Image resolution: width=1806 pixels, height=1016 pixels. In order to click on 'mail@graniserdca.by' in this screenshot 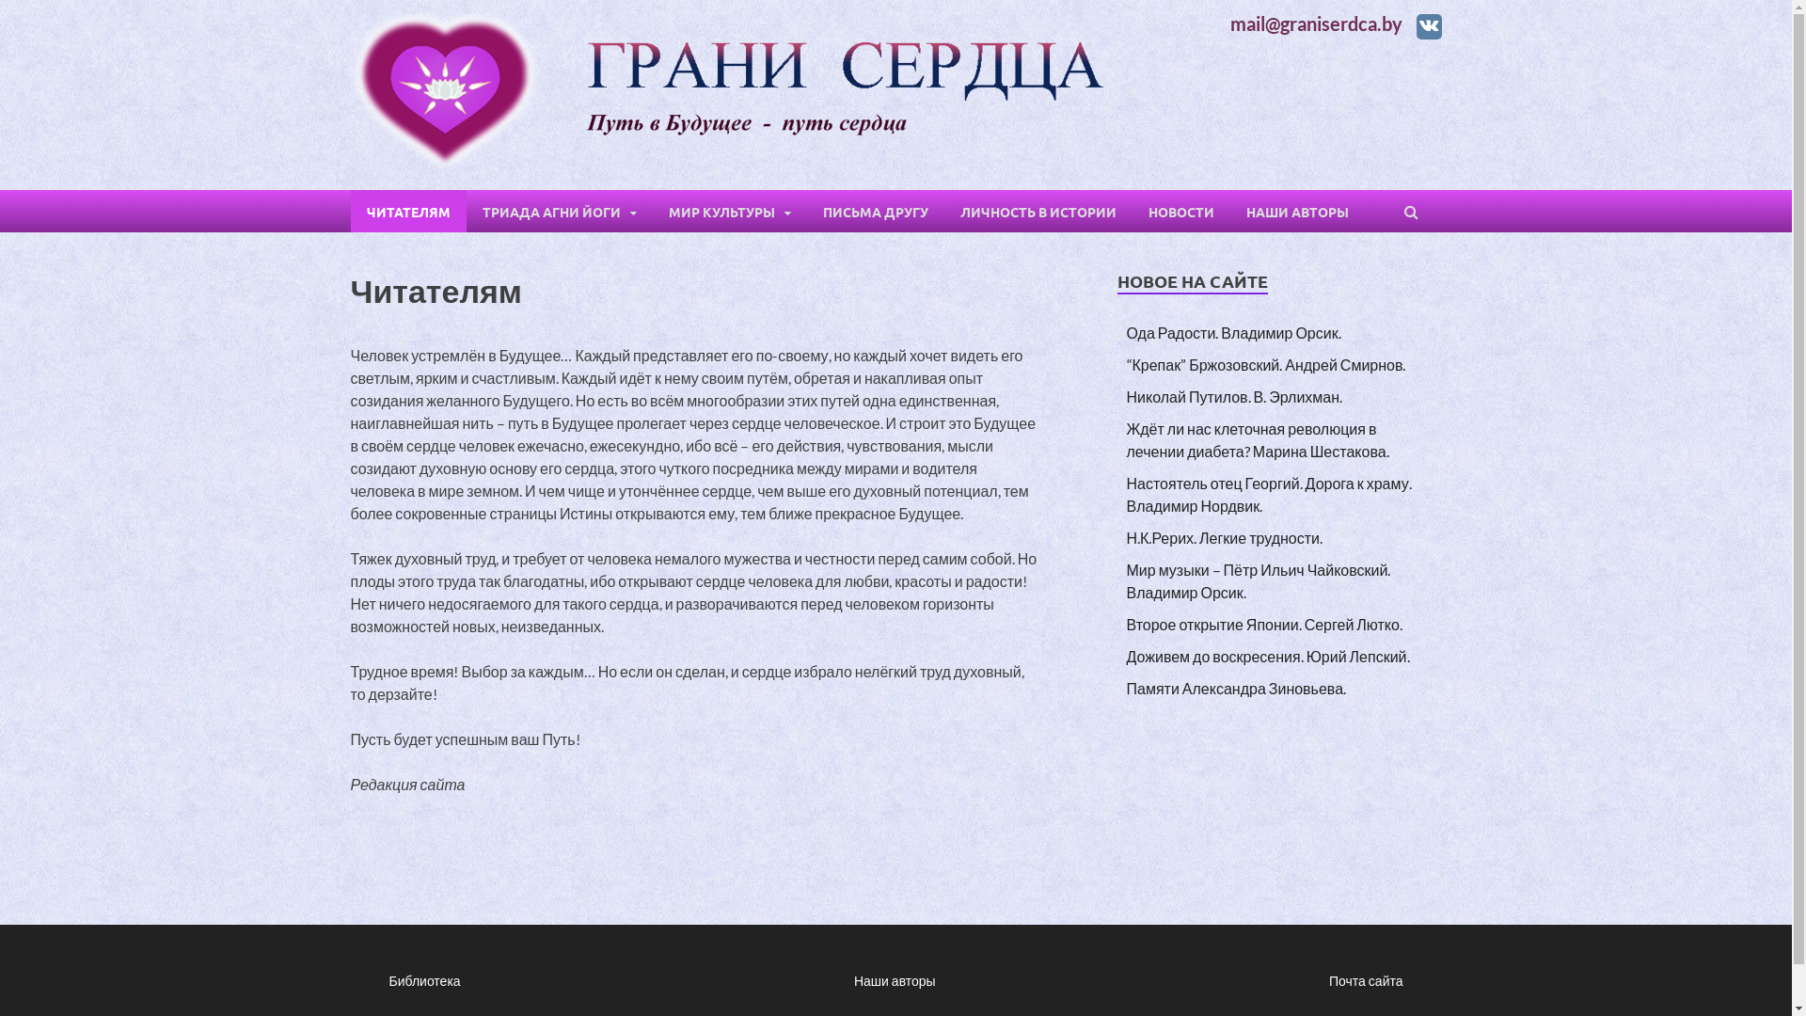, I will do `click(1315, 23)`.